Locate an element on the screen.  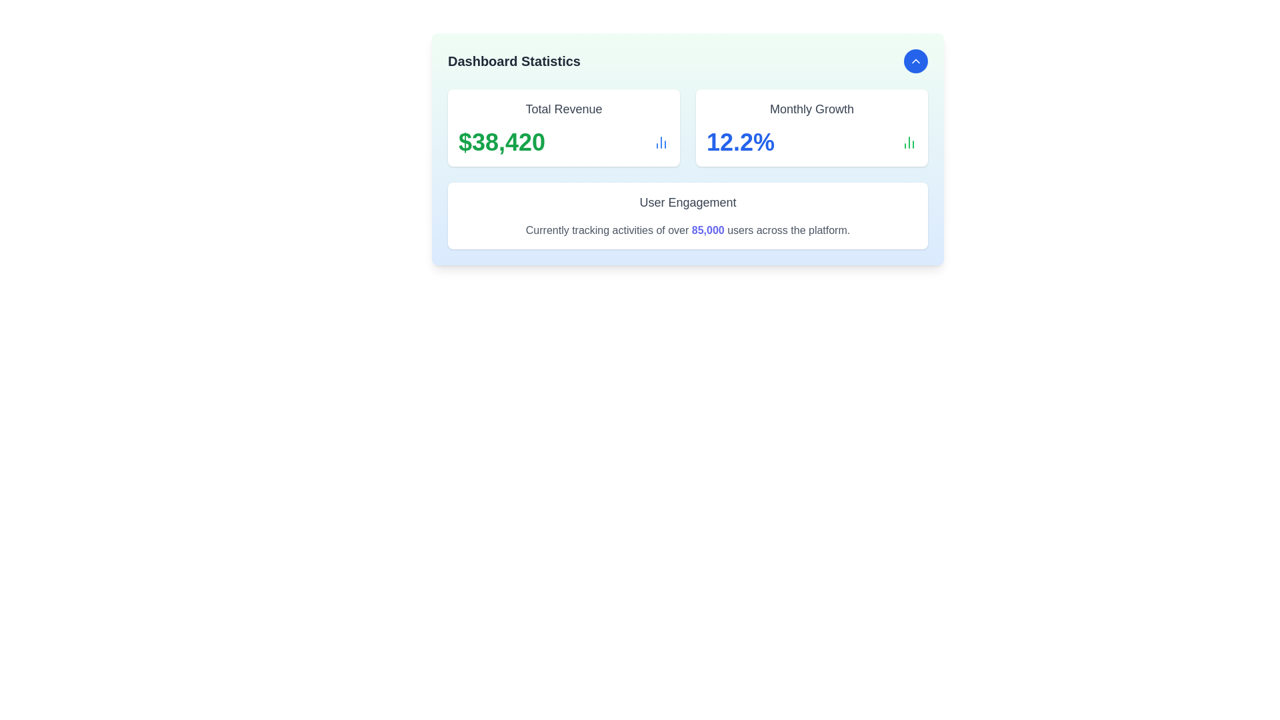
the Static Text displaying the dollar amount "$38,420" in bold, extra-large green font, located under the heading "Total Revenue." is located at coordinates (501, 142).